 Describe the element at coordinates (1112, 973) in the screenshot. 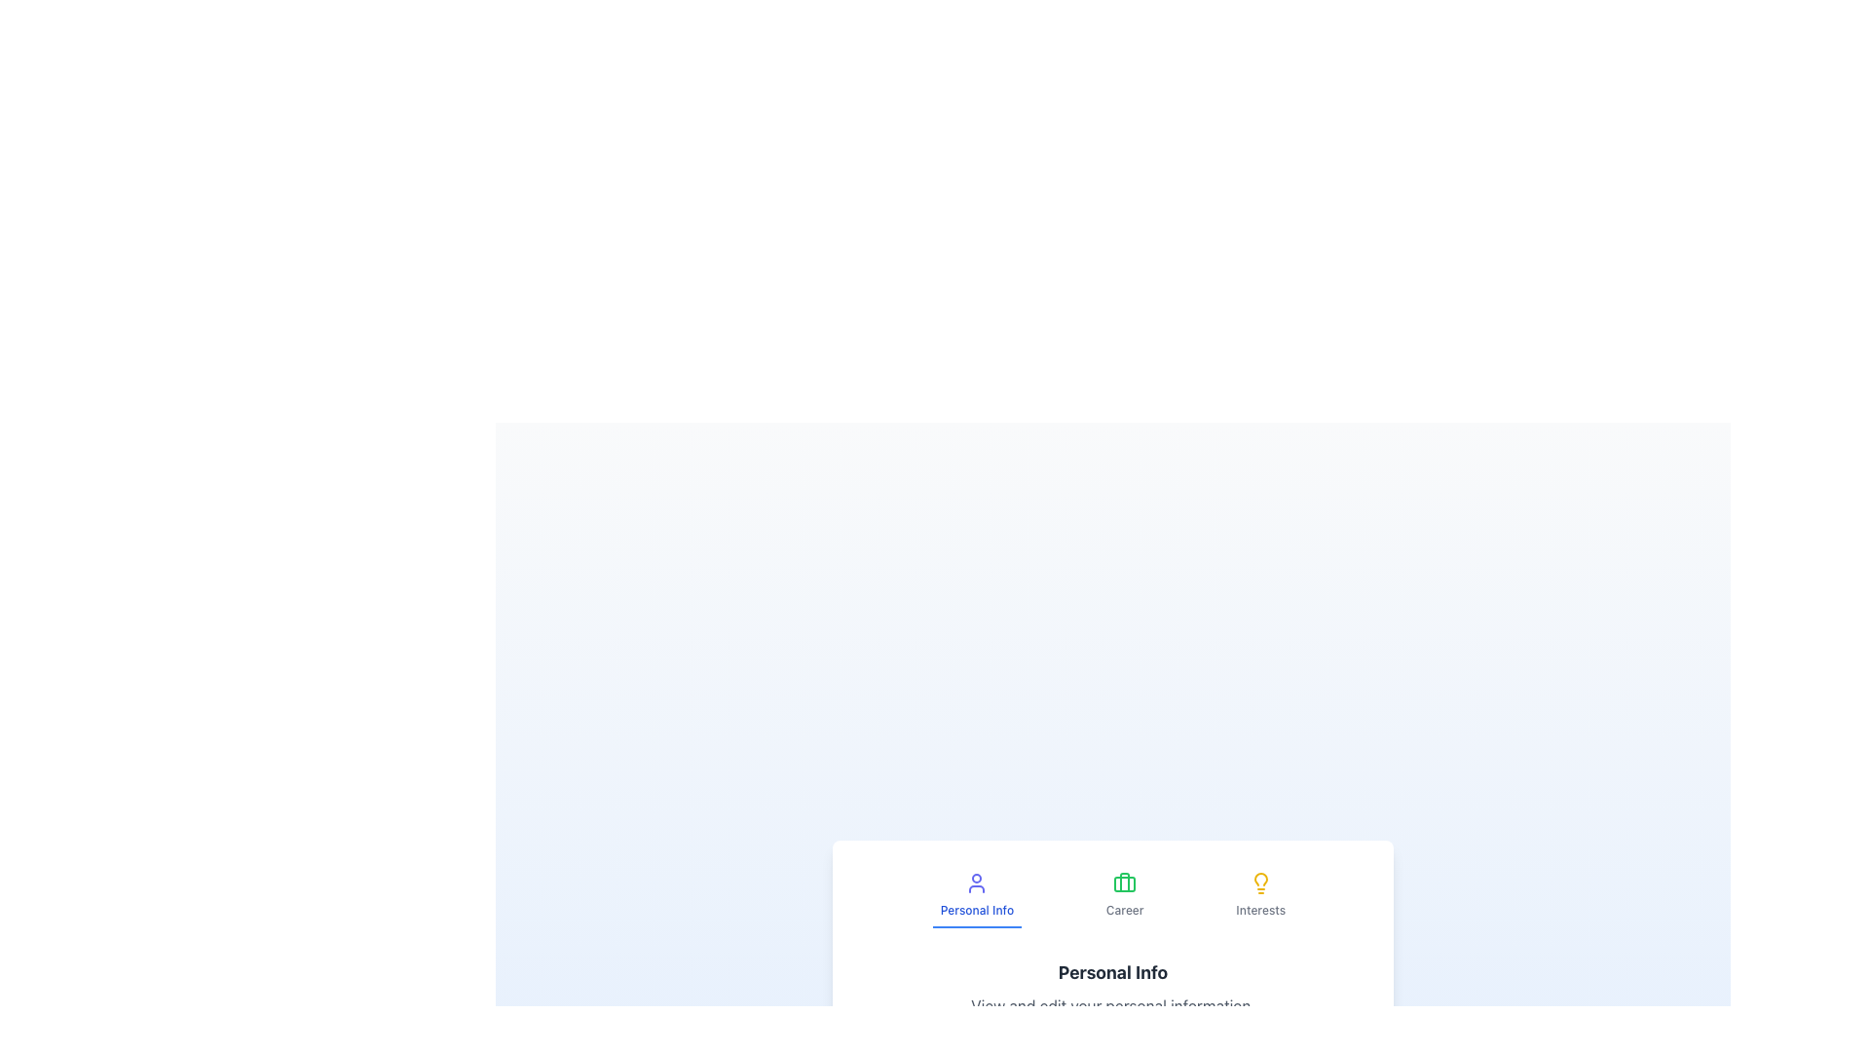

I see `the bold text label 'Personal Info' that is dark gray and visually prominent, positioned above the smaller gray text 'View and edit your personal information'` at that location.